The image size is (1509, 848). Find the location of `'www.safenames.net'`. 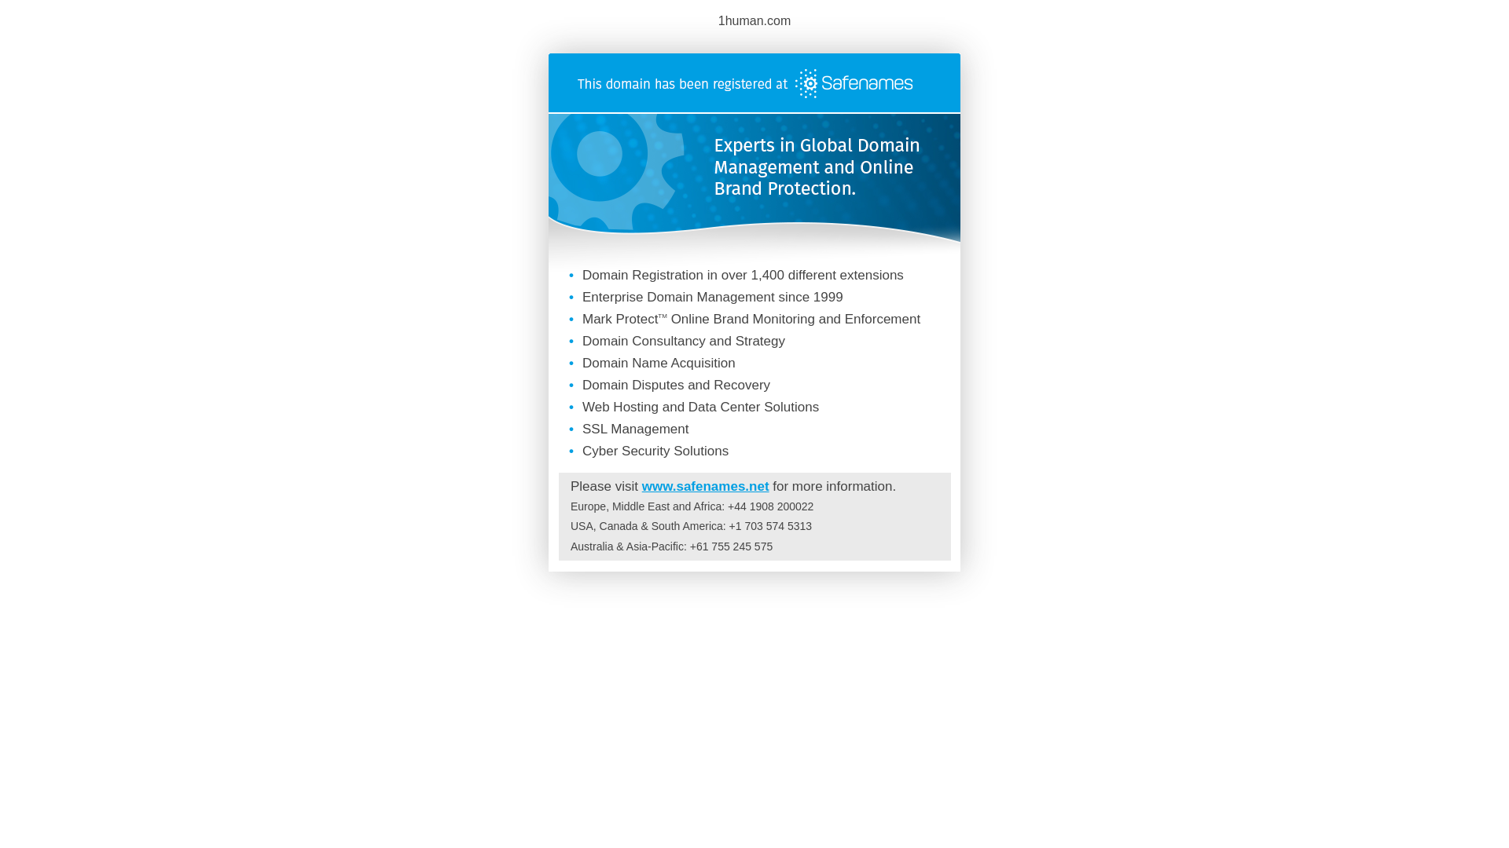

'www.safenames.net' is located at coordinates (704, 485).